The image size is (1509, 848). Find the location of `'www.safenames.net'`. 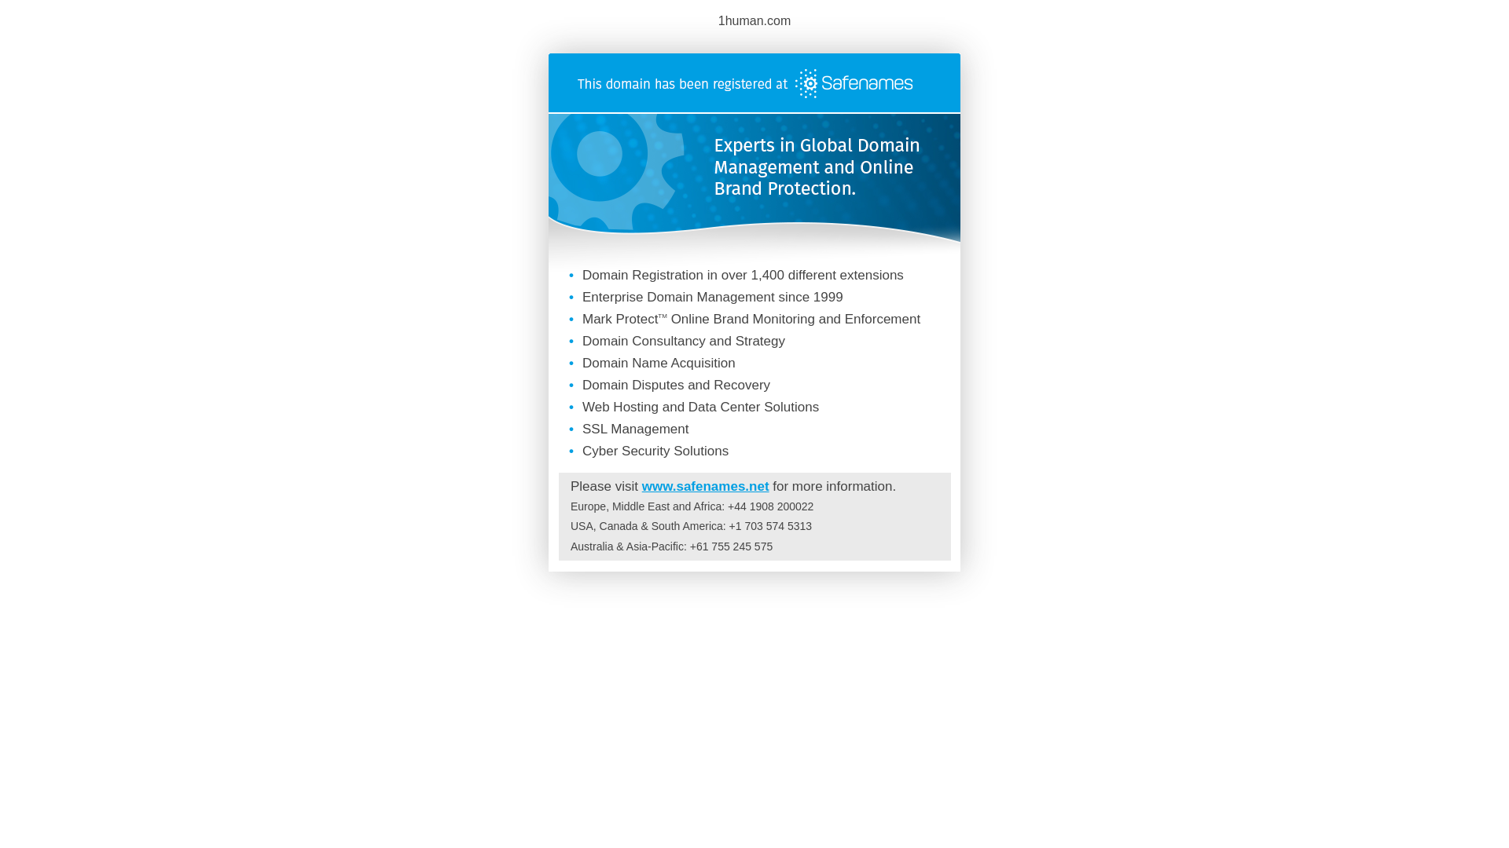

'www.safenames.net' is located at coordinates (704, 485).